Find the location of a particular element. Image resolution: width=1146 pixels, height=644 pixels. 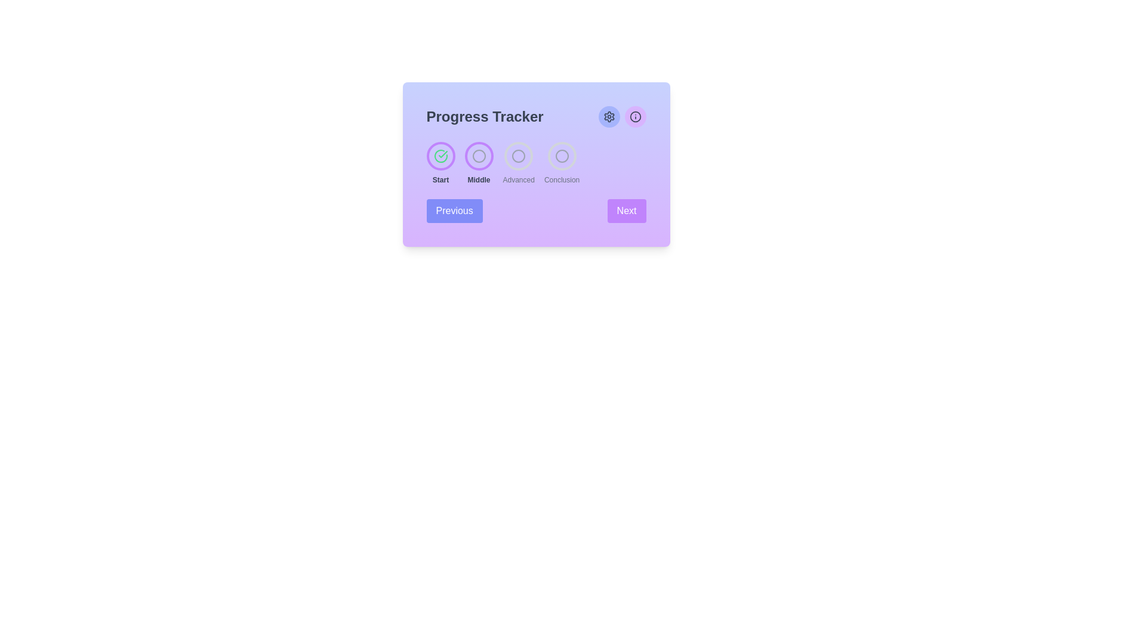

the 'Previous' button with a blue background and white text, located below the 'Progress Tracker' section is located at coordinates (454, 210).